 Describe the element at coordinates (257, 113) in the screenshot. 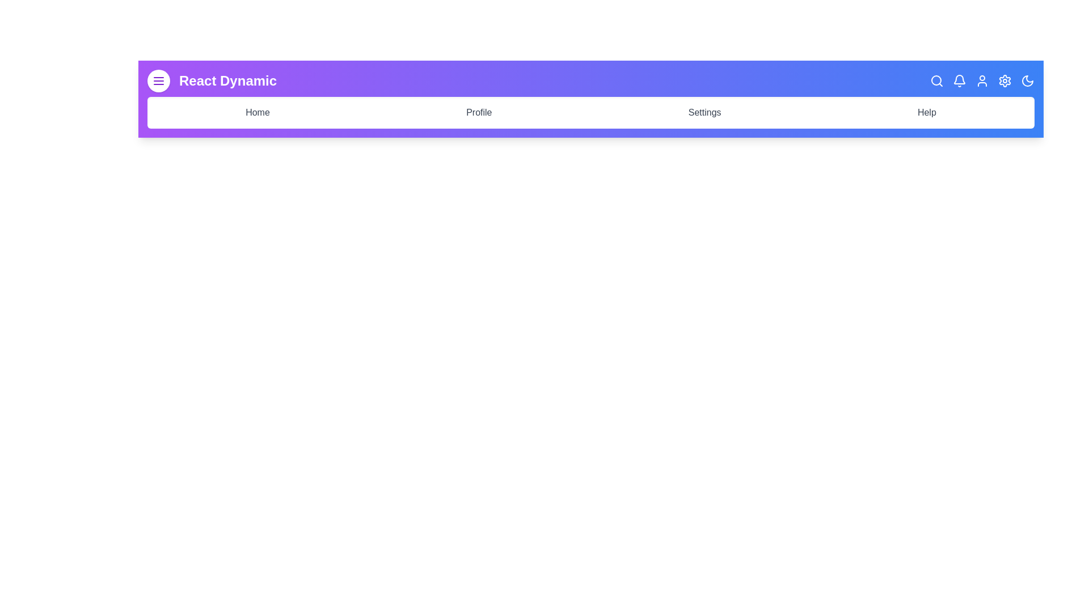

I see `the navigation link labeled Home to navigate to the corresponding section` at that location.